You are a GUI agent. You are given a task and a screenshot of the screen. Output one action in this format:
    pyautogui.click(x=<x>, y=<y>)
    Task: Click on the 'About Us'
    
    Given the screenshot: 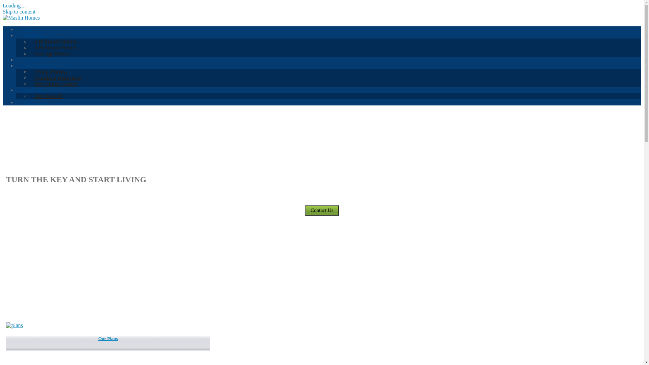 What is the action you would take?
    pyautogui.click(x=16, y=90)
    